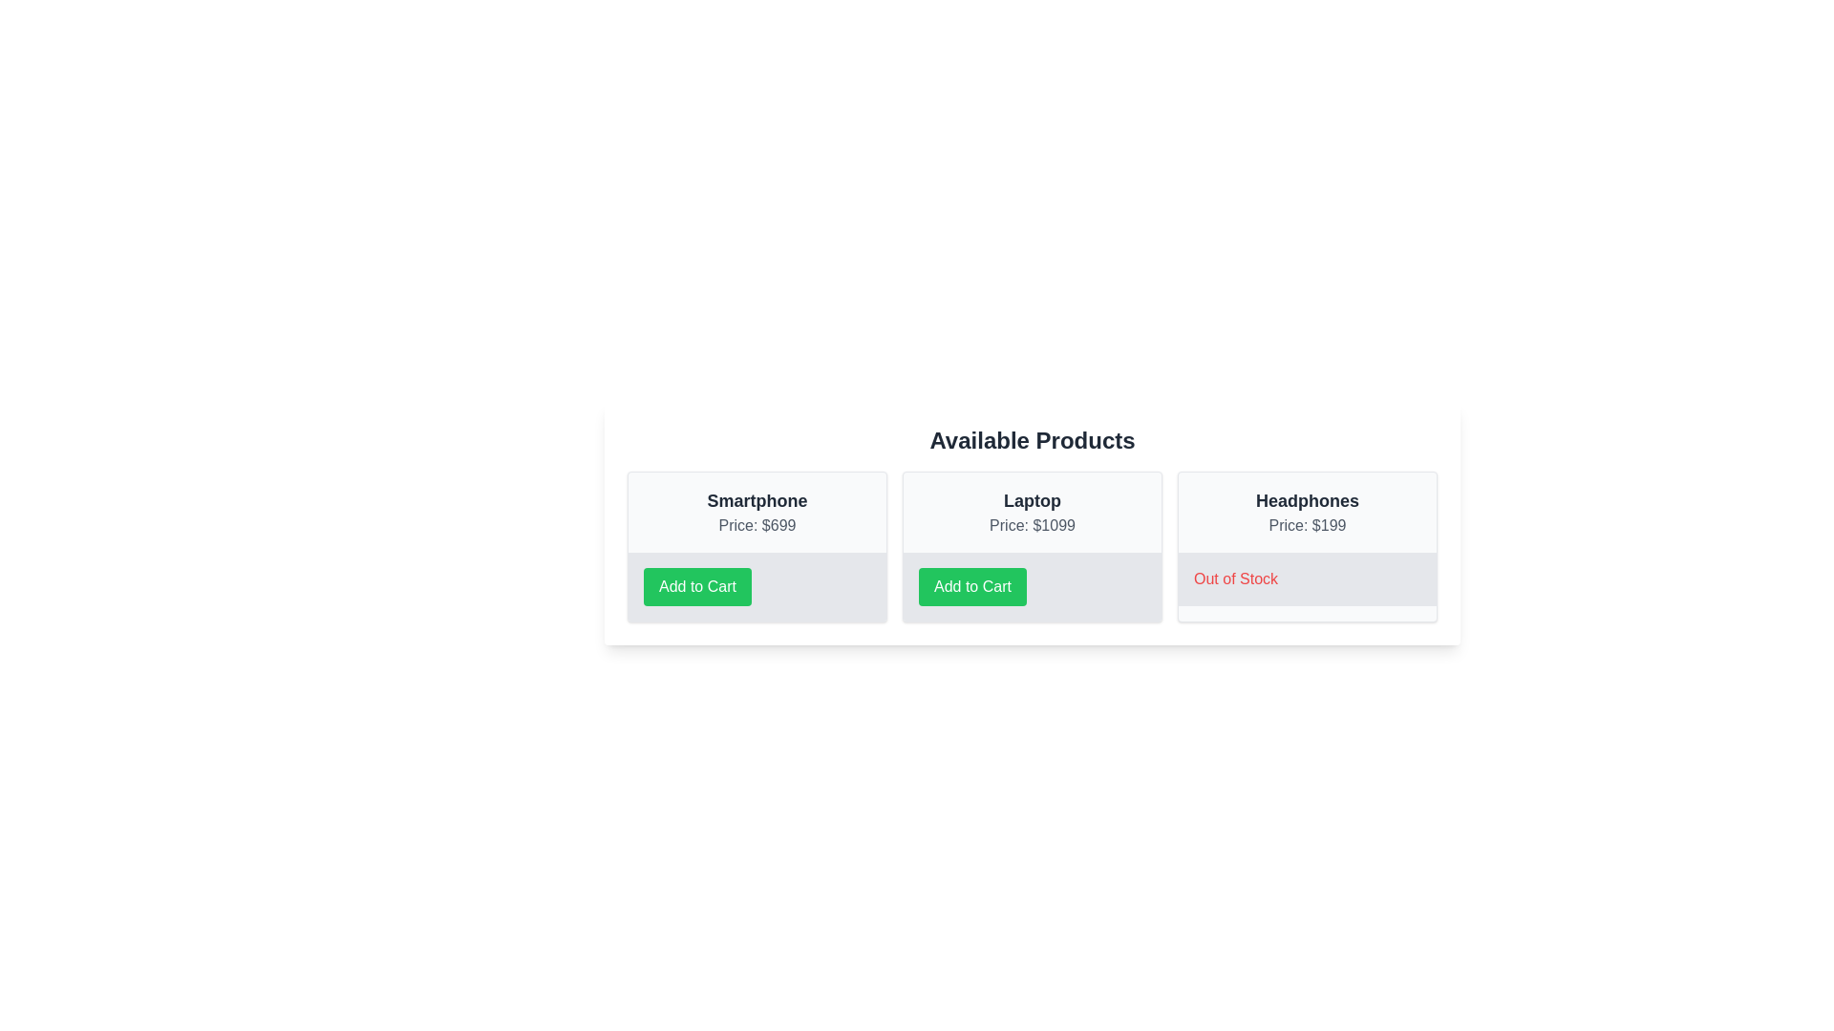  Describe the element at coordinates (972, 585) in the screenshot. I see `the 'Add to Cart' button, which is a rectangular button with rounded corners and a green background, located below the product description for the 'Laptop' and in the middle column of a three-column grid of products` at that location.